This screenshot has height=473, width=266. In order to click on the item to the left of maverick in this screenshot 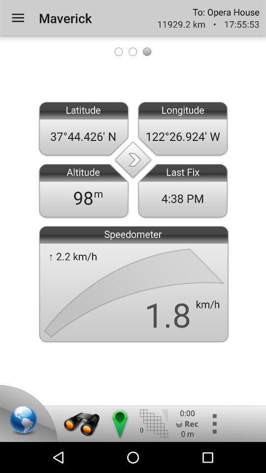, I will do `click(18, 17)`.